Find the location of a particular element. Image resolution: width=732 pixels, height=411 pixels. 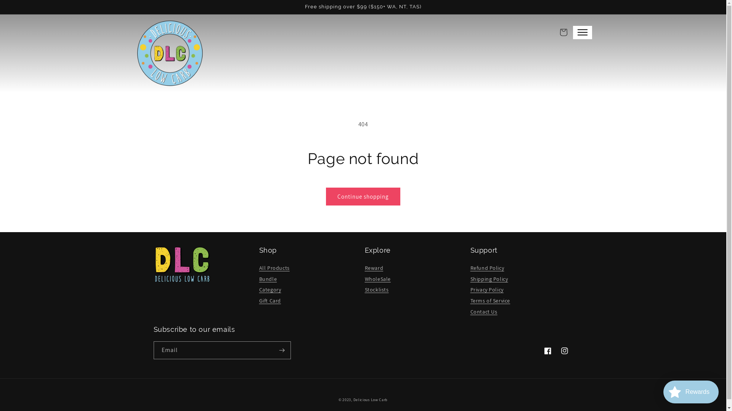

'Contact Us' is located at coordinates (483, 312).